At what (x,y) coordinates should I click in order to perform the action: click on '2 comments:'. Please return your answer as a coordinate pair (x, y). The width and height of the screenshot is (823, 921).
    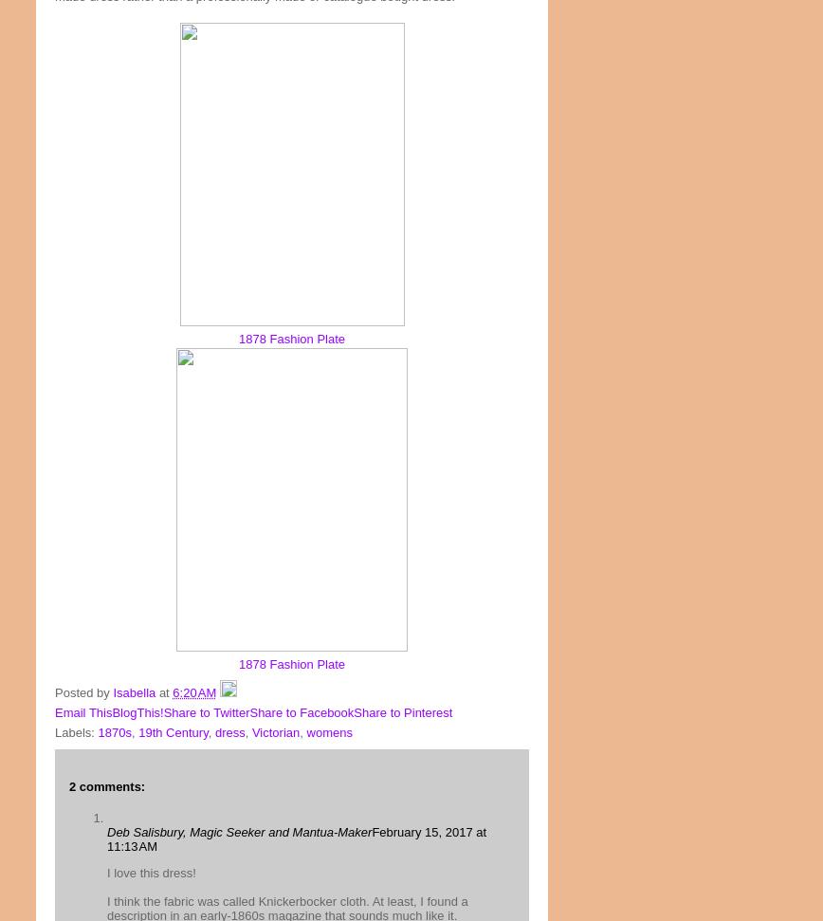
    Looking at the image, I should click on (68, 785).